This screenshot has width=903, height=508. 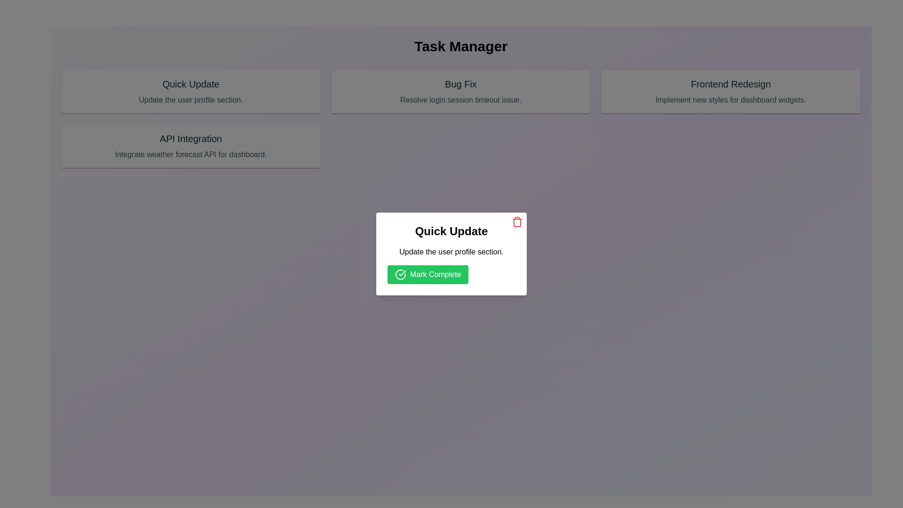 What do you see at coordinates (460, 100) in the screenshot?
I see `the static text displaying 'Resolve login session timeout issue.' which is styled in gray and centered beneath the 'Bug Fix' header` at bounding box center [460, 100].